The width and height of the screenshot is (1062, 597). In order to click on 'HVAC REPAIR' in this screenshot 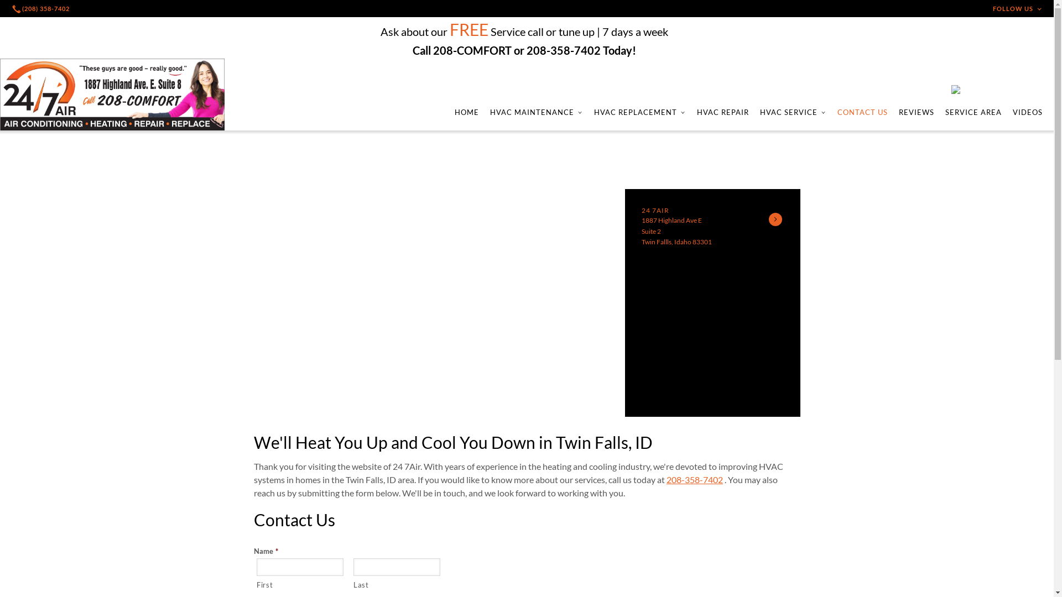, I will do `click(696, 112)`.